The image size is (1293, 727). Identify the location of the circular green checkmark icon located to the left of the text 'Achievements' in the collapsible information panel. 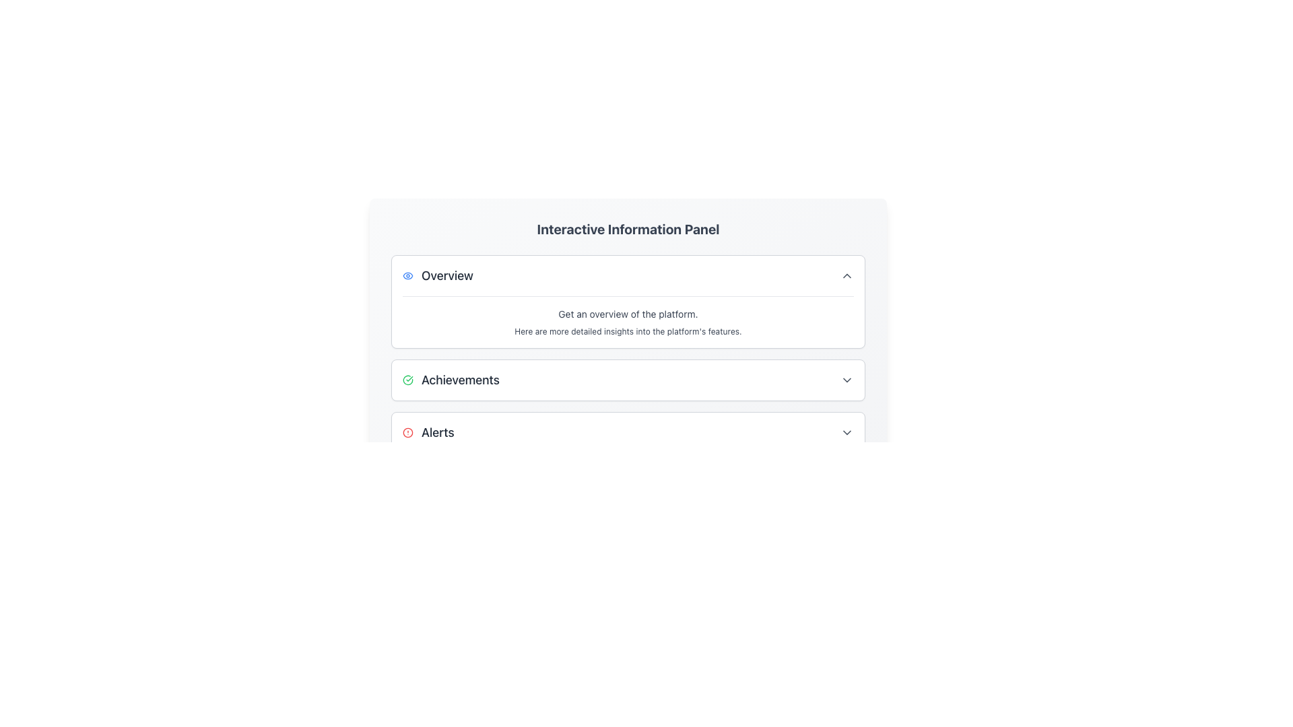
(407, 380).